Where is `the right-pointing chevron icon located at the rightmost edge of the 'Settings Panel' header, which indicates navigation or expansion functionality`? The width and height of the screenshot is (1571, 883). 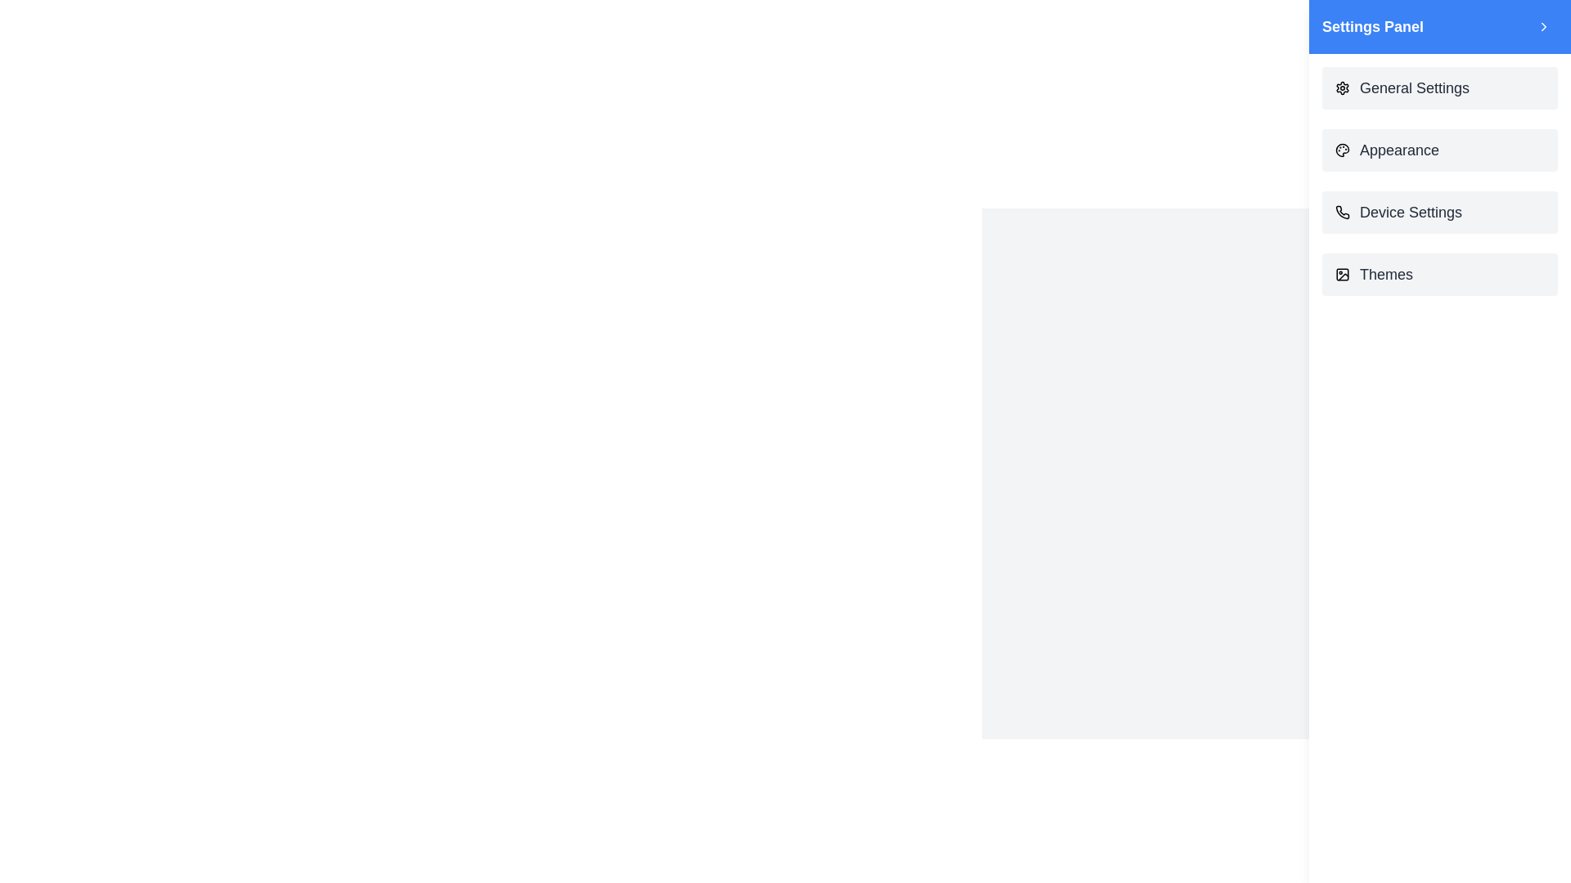
the right-pointing chevron icon located at the rightmost edge of the 'Settings Panel' header, which indicates navigation or expansion functionality is located at coordinates (1542, 27).